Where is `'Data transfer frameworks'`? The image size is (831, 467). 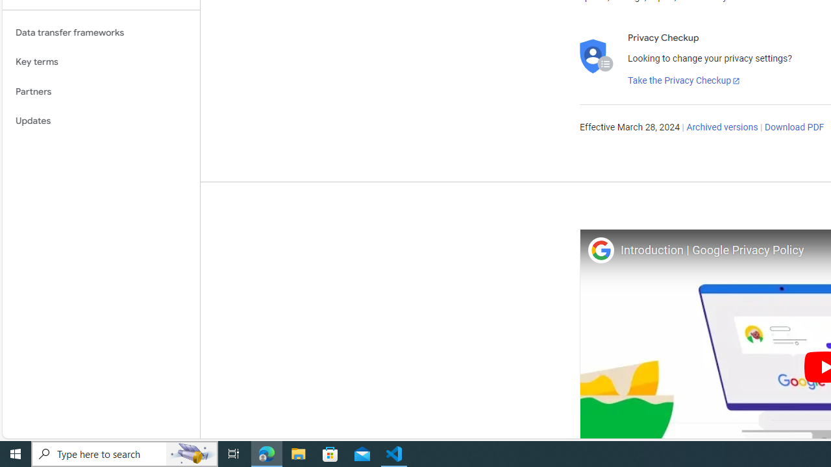
'Data transfer frameworks' is located at coordinates (101, 32).